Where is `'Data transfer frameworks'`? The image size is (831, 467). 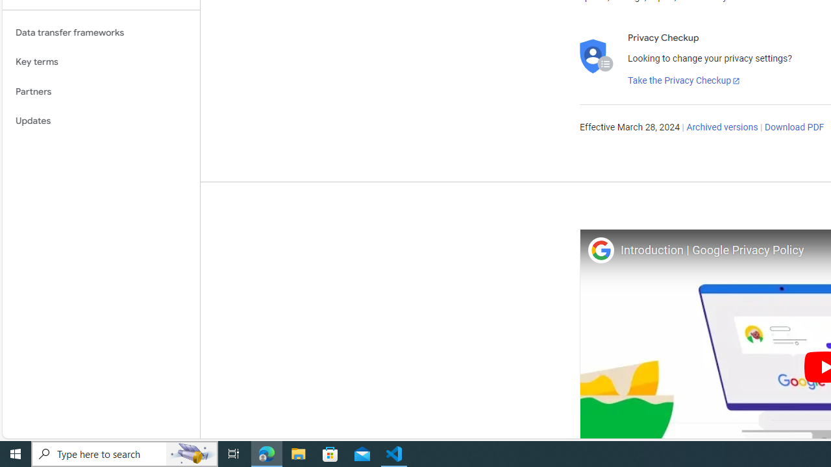
'Data transfer frameworks' is located at coordinates (101, 32).